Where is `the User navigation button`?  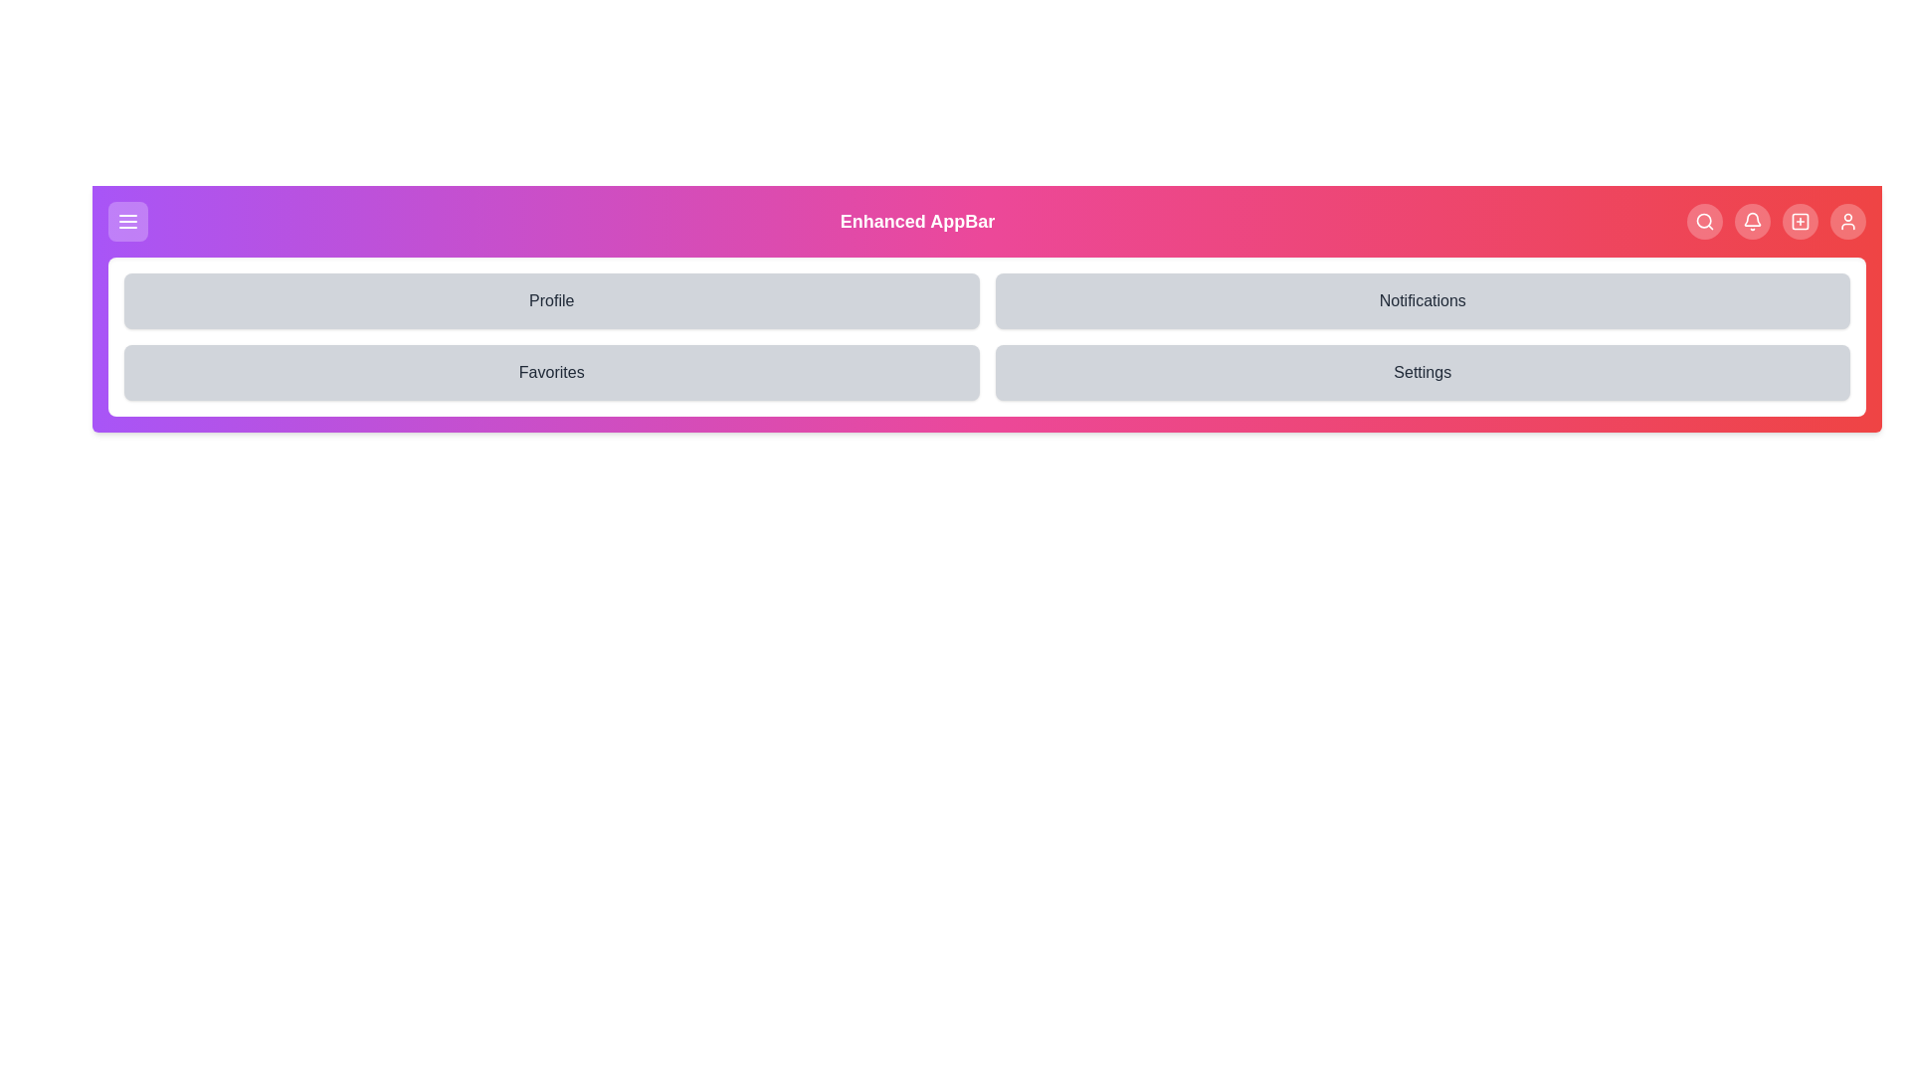 the User navigation button is located at coordinates (1846, 222).